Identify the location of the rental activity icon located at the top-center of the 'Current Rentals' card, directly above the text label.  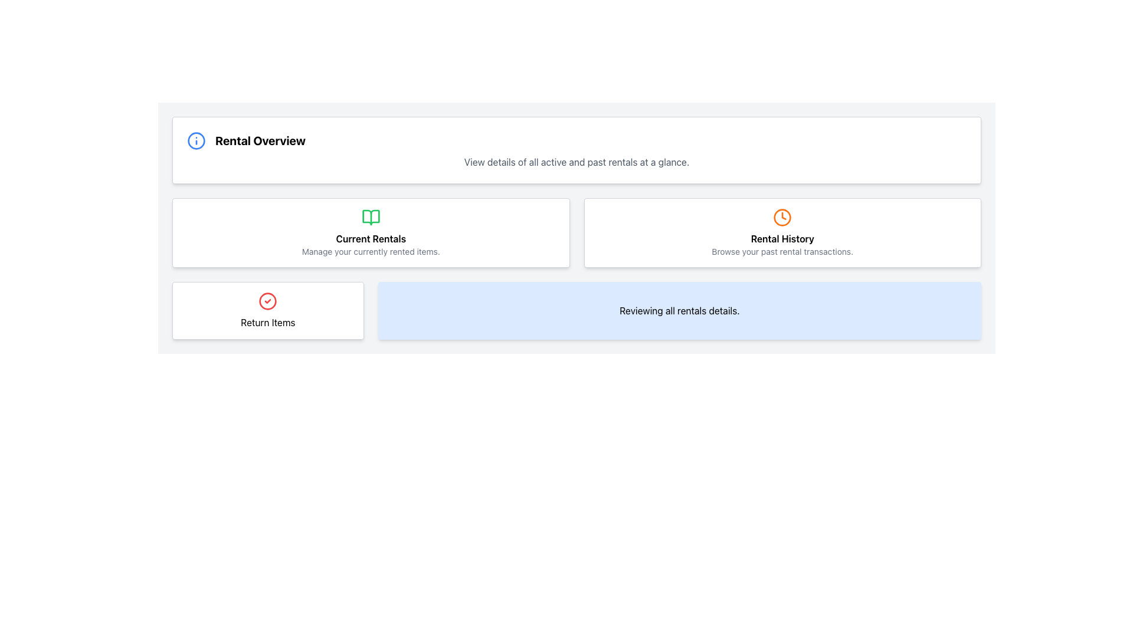
(370, 218).